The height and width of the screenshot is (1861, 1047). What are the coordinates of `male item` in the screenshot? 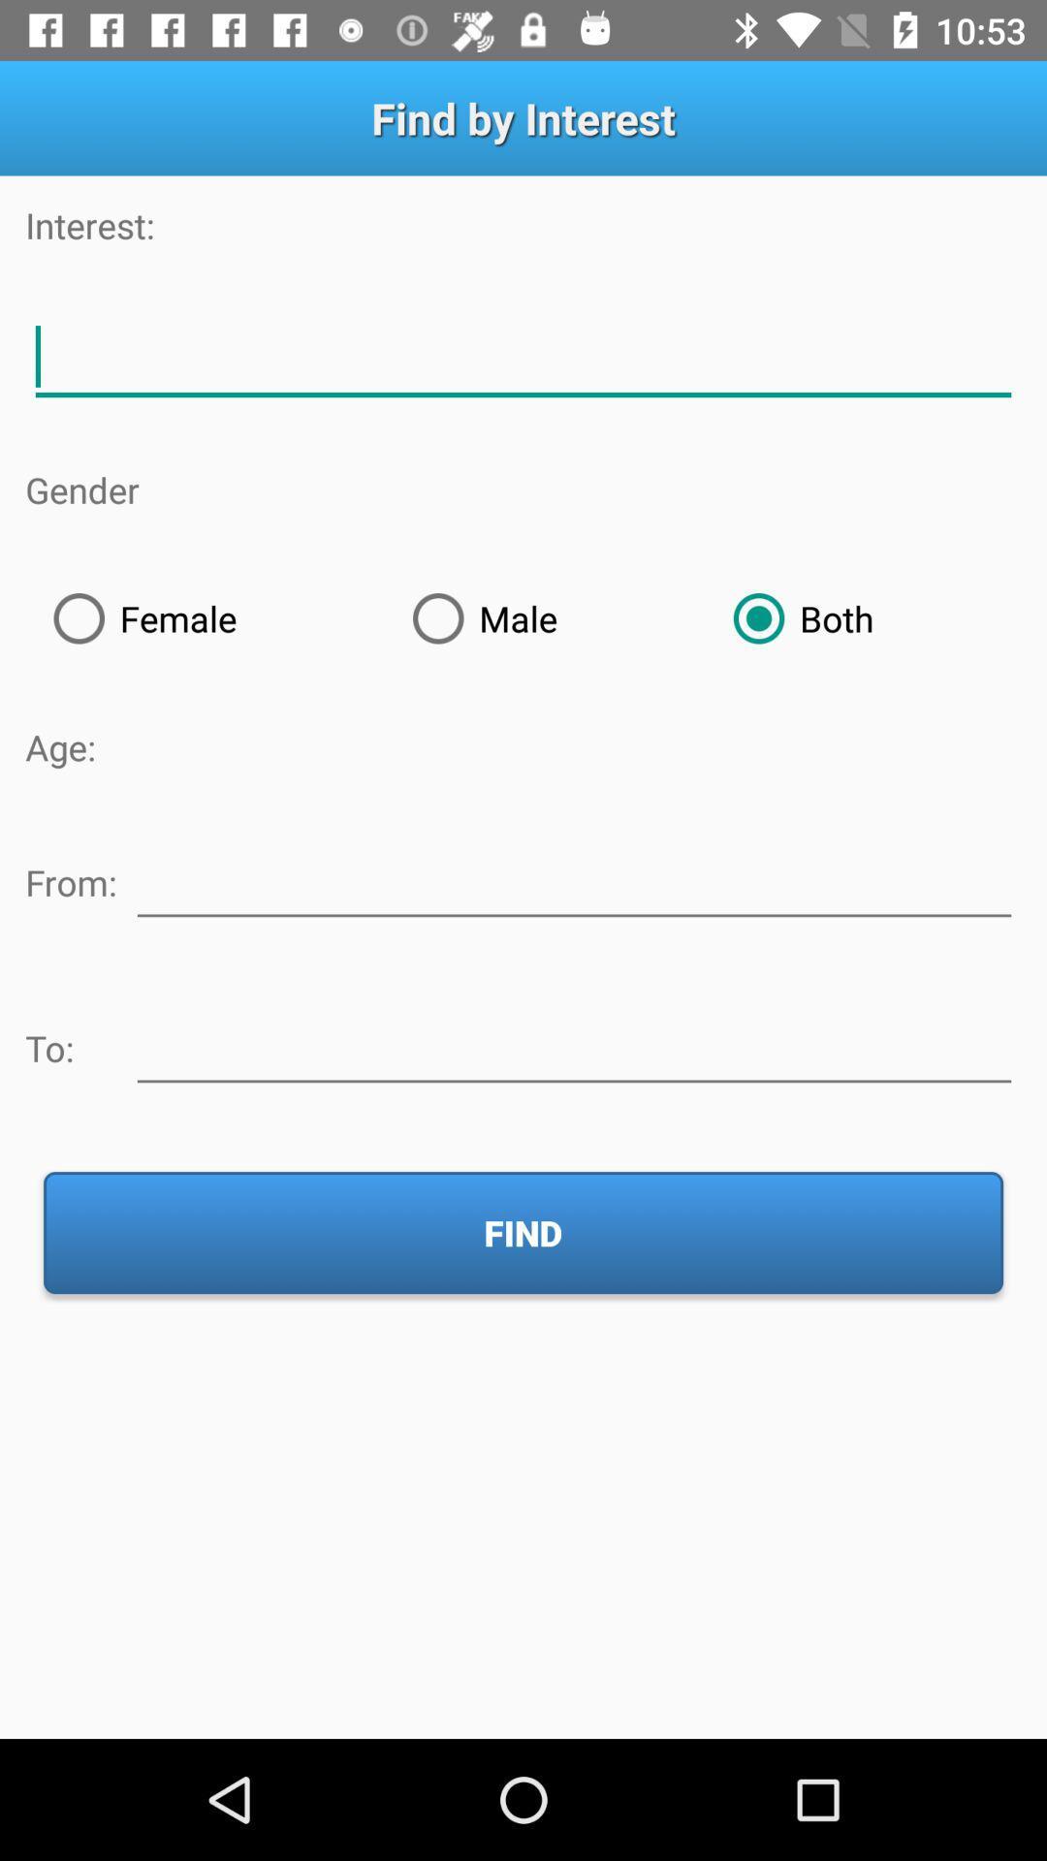 It's located at (545, 617).